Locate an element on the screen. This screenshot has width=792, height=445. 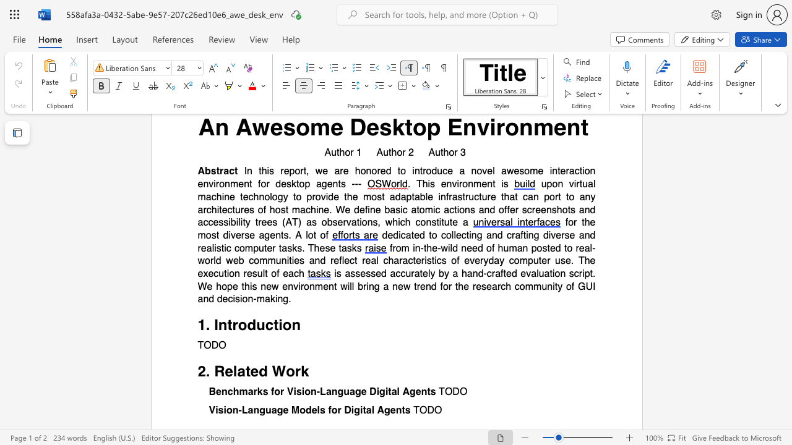
the subset text "op Environmen" within the text "An Awesome Desktop Environment" is located at coordinates (413, 127).